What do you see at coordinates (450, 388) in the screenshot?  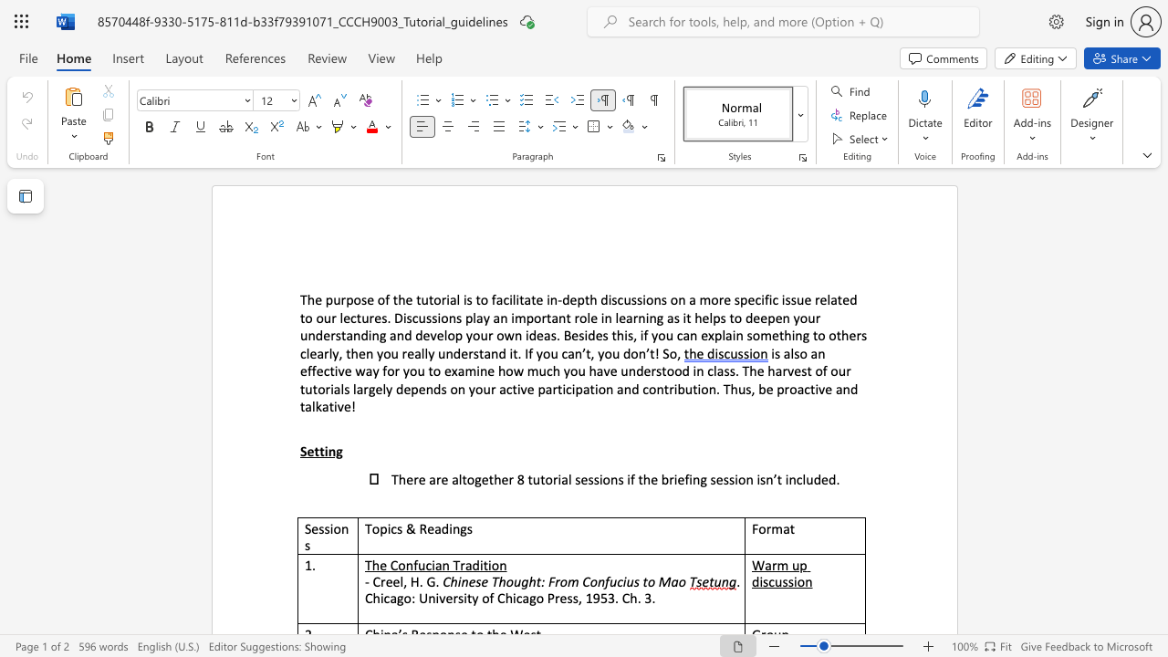 I see `the subset text "on your ac" within the text "on your active"` at bounding box center [450, 388].